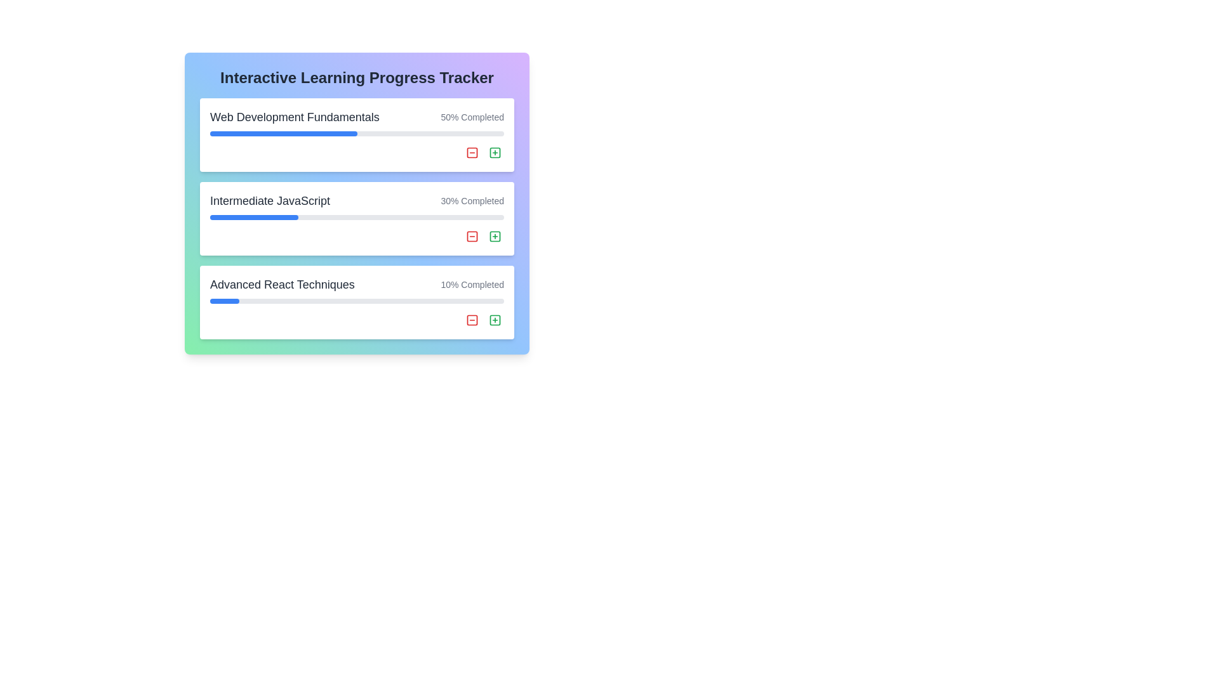 Image resolution: width=1219 pixels, height=685 pixels. What do you see at coordinates (472, 152) in the screenshot?
I see `the 'Remove' or 'Delete' button located in the 'Advanced React Techniques' section` at bounding box center [472, 152].